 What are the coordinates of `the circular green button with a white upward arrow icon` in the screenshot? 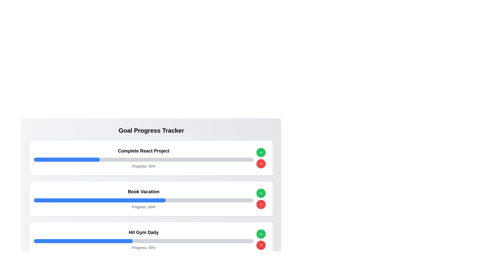 It's located at (261, 152).